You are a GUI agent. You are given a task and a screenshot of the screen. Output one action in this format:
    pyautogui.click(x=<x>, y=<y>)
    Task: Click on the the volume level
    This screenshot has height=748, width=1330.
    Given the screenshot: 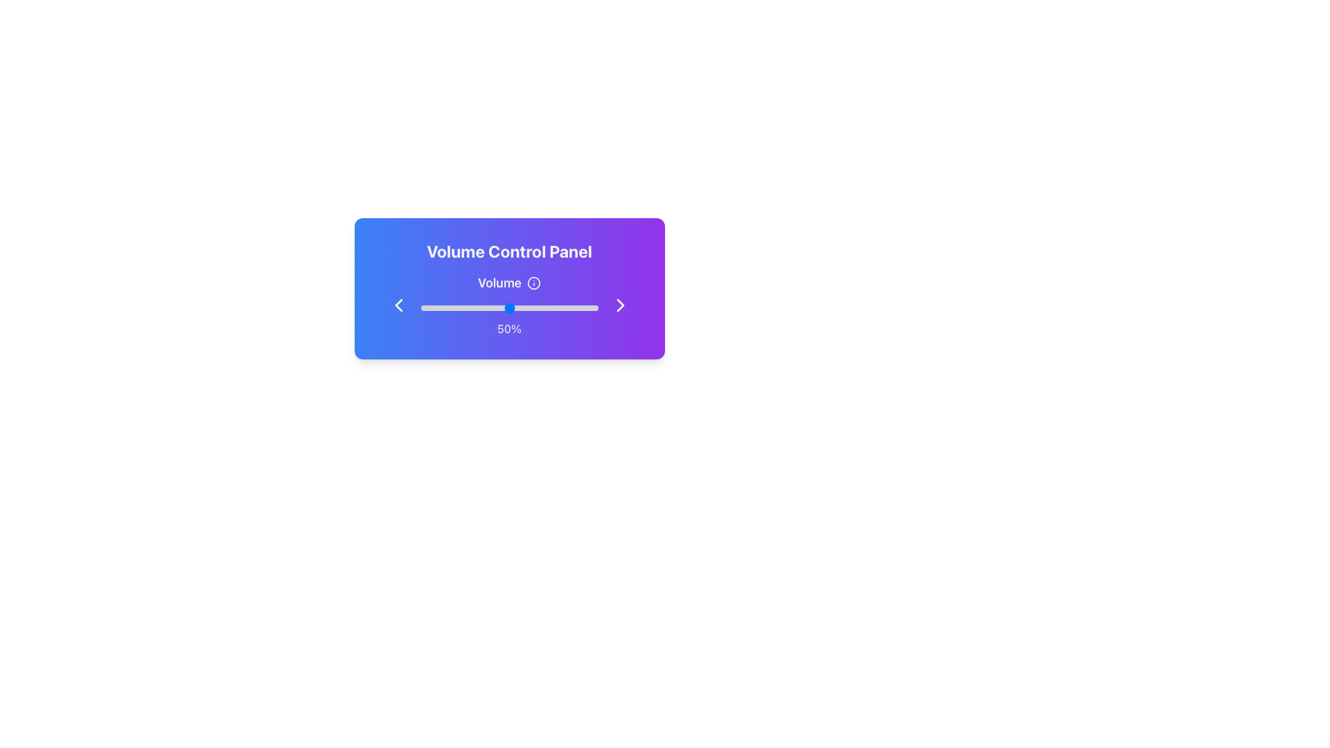 What is the action you would take?
    pyautogui.click(x=517, y=307)
    